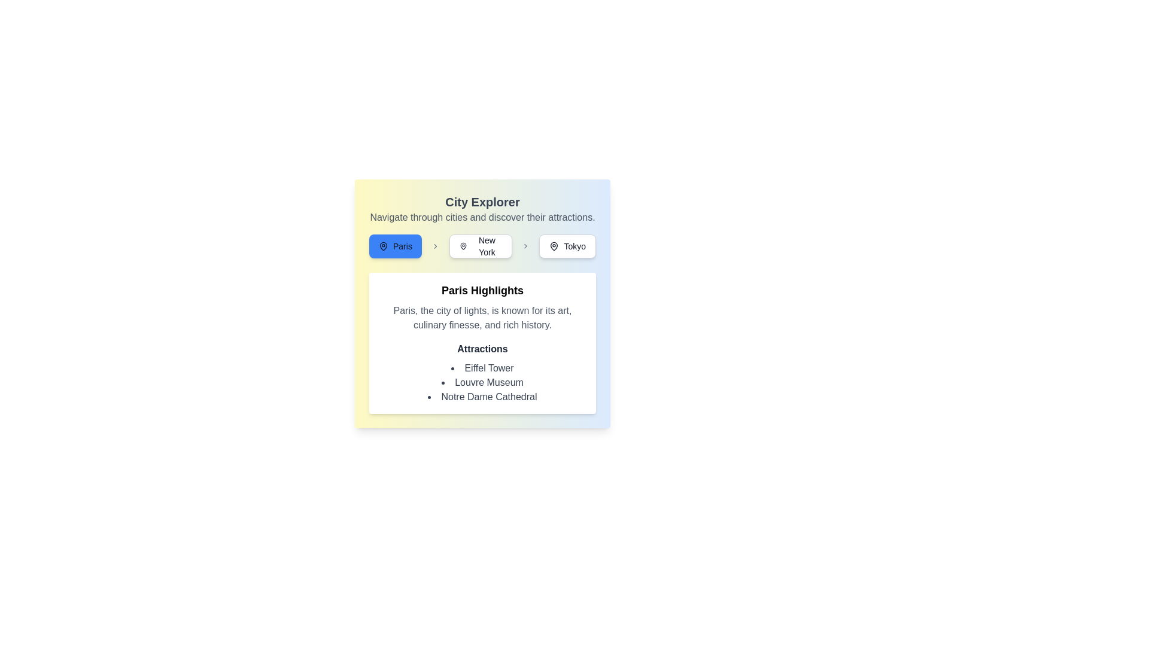 This screenshot has width=1149, height=646. What do you see at coordinates (554, 246) in the screenshot?
I see `the pin icon located in the 'Tokyo' button group, positioned between the text 'Tokyo' on its right and the edge of the button on its left` at bounding box center [554, 246].